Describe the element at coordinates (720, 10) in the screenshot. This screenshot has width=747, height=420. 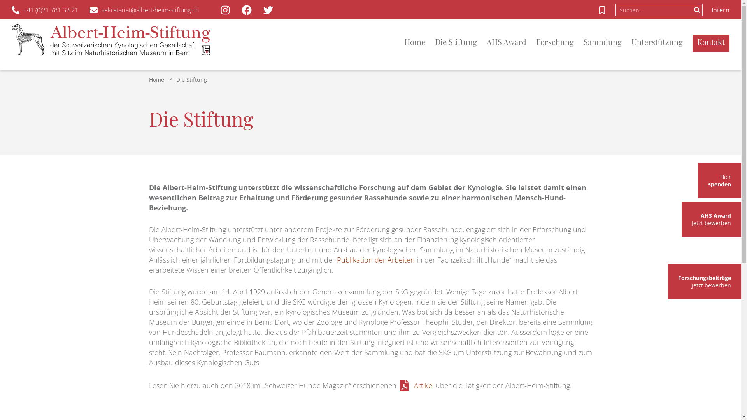
I see `'Intern'` at that location.